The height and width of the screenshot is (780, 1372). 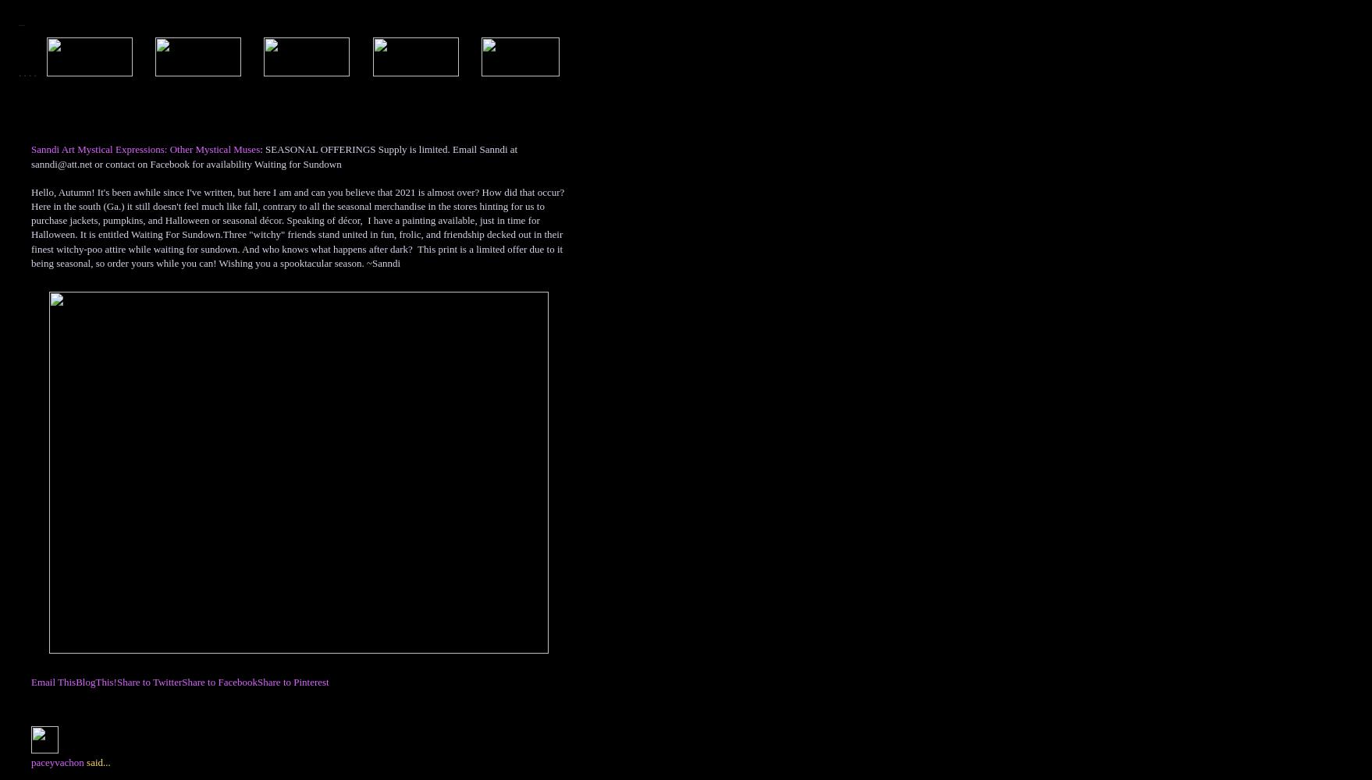 What do you see at coordinates (148, 680) in the screenshot?
I see `'Share to Twitter'` at bounding box center [148, 680].